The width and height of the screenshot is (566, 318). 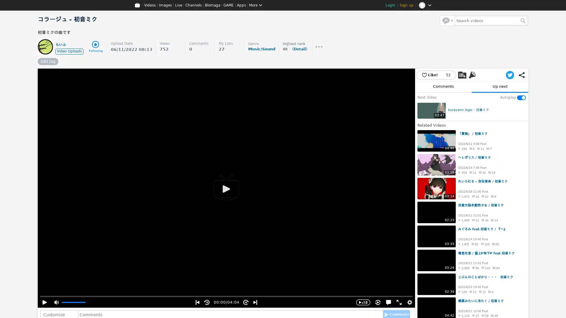 What do you see at coordinates (399, 302) in the screenshot?
I see `Full Screen` at bounding box center [399, 302].